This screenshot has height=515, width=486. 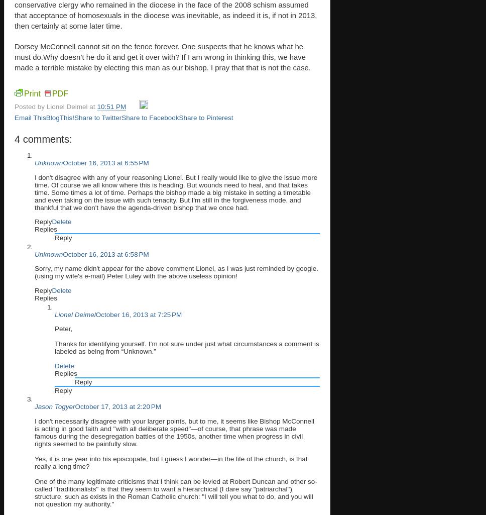 What do you see at coordinates (174, 432) in the screenshot?
I see `'I don't necessarily disagree with your larger points, but to me, it seems like Bishop McConnell is acting in good faith and "with all deliberate speed"—of course, that phrase was made famous during the desegregation battles of the 1950s, another time when progress in civil rights seemed to be painfully slow.'` at bounding box center [174, 432].